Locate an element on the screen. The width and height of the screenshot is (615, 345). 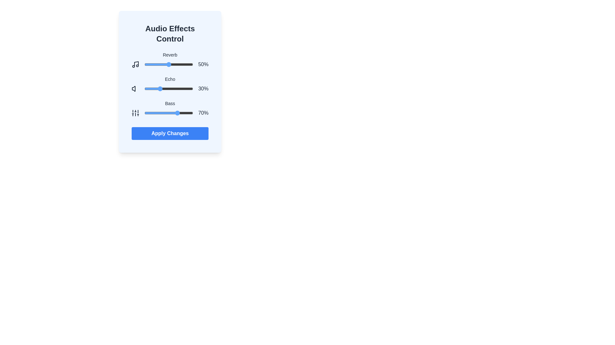
the reverb level is located at coordinates (174, 64).